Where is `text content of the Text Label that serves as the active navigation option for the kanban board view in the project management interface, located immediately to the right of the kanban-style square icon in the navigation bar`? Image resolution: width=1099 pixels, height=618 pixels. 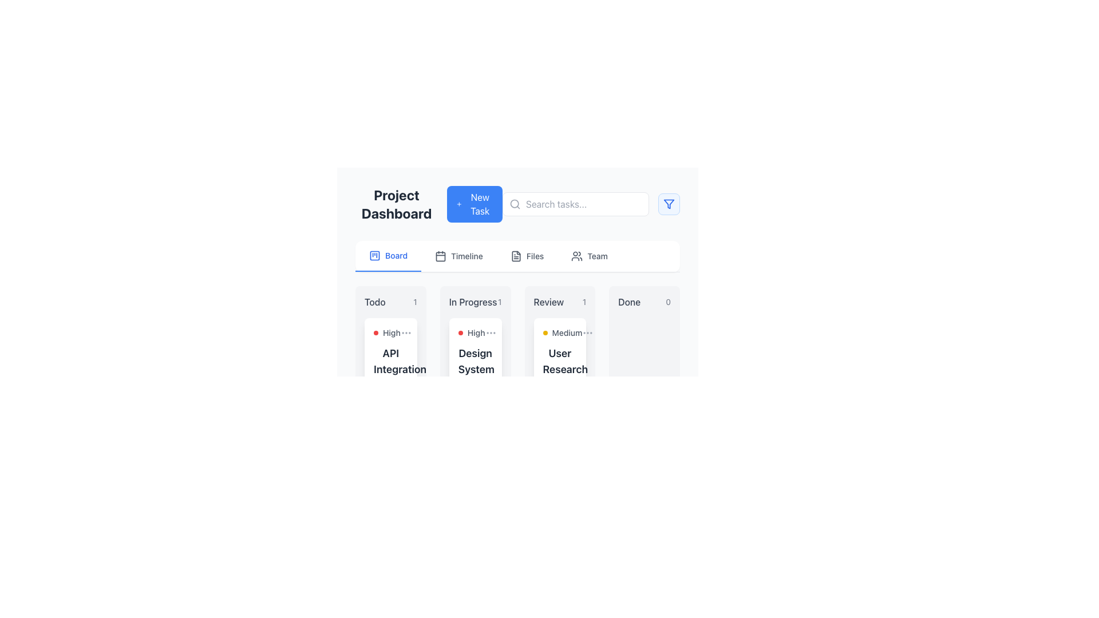 text content of the Text Label that serves as the active navigation option for the kanban board view in the project management interface, located immediately to the right of the kanban-style square icon in the navigation bar is located at coordinates (396, 255).